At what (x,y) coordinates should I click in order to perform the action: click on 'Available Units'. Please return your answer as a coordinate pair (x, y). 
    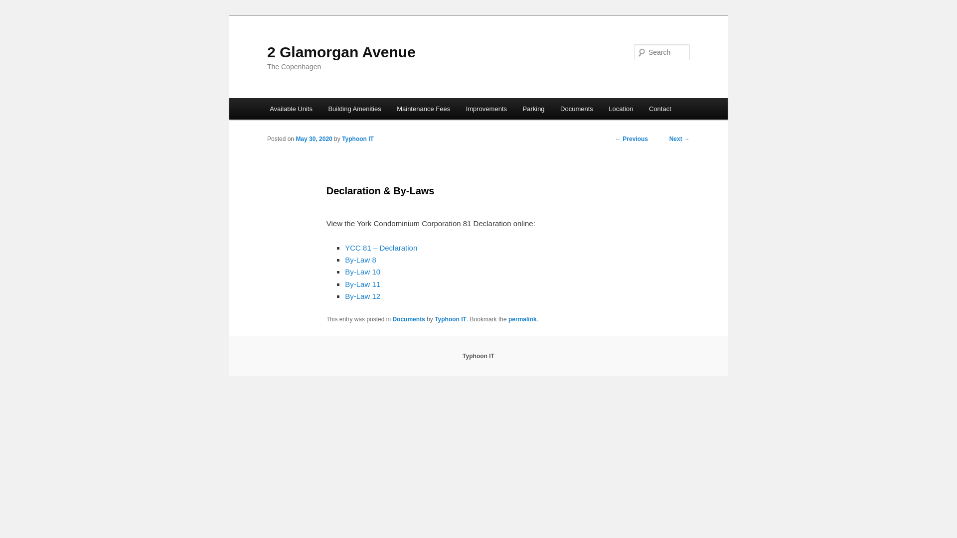
    Looking at the image, I should click on (290, 109).